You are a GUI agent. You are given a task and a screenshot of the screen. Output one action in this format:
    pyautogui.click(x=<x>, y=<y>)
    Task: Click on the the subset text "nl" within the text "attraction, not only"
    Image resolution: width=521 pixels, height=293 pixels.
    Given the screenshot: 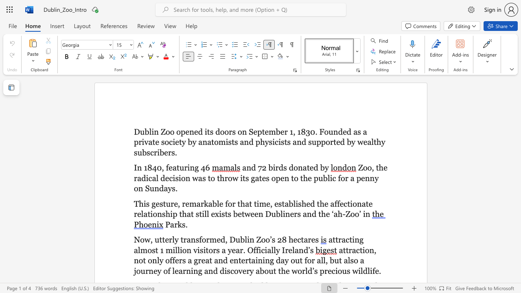 What is the action you would take?
    pyautogui.click(x=152, y=260)
    